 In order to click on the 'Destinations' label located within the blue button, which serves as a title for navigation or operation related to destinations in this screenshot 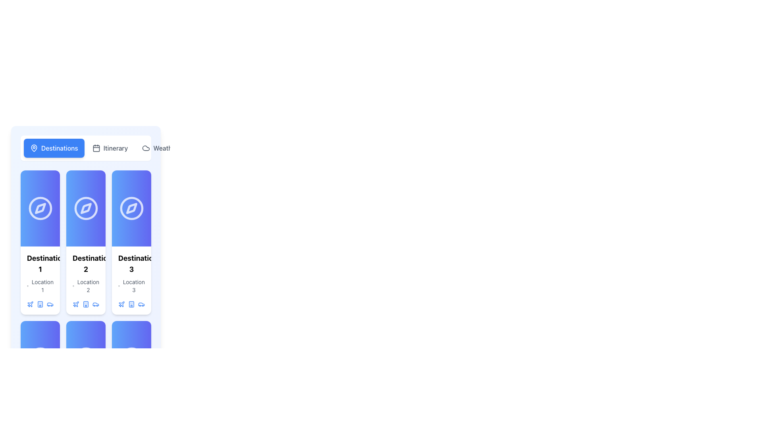, I will do `click(59, 148)`.